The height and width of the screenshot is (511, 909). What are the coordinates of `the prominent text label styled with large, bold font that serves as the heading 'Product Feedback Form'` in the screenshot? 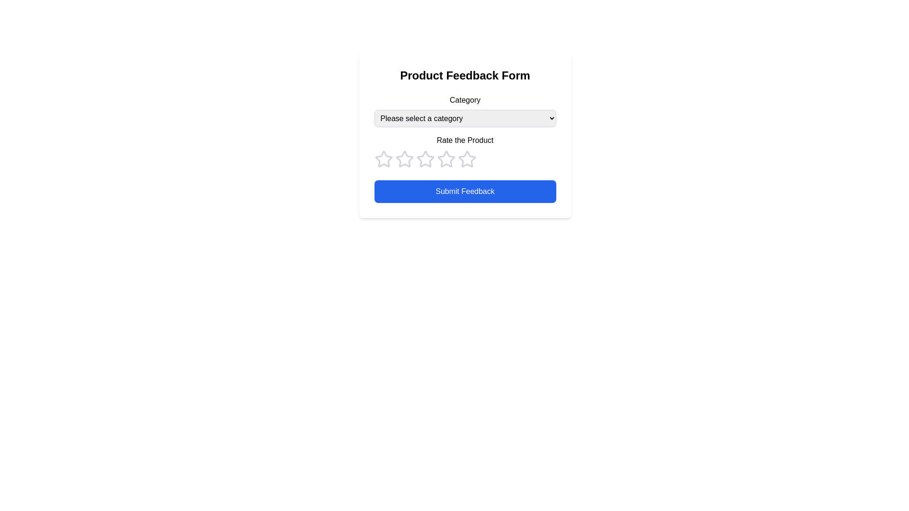 It's located at (465, 75).